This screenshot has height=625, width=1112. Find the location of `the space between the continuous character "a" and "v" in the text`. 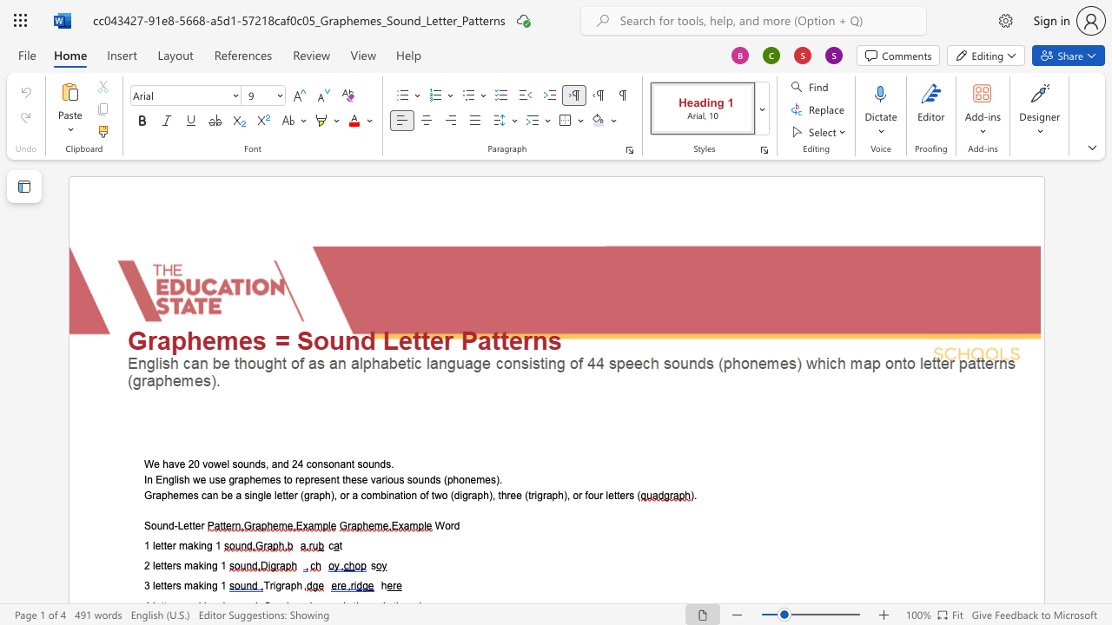

the space between the continuous character "a" and "v" in the text is located at coordinates (174, 464).